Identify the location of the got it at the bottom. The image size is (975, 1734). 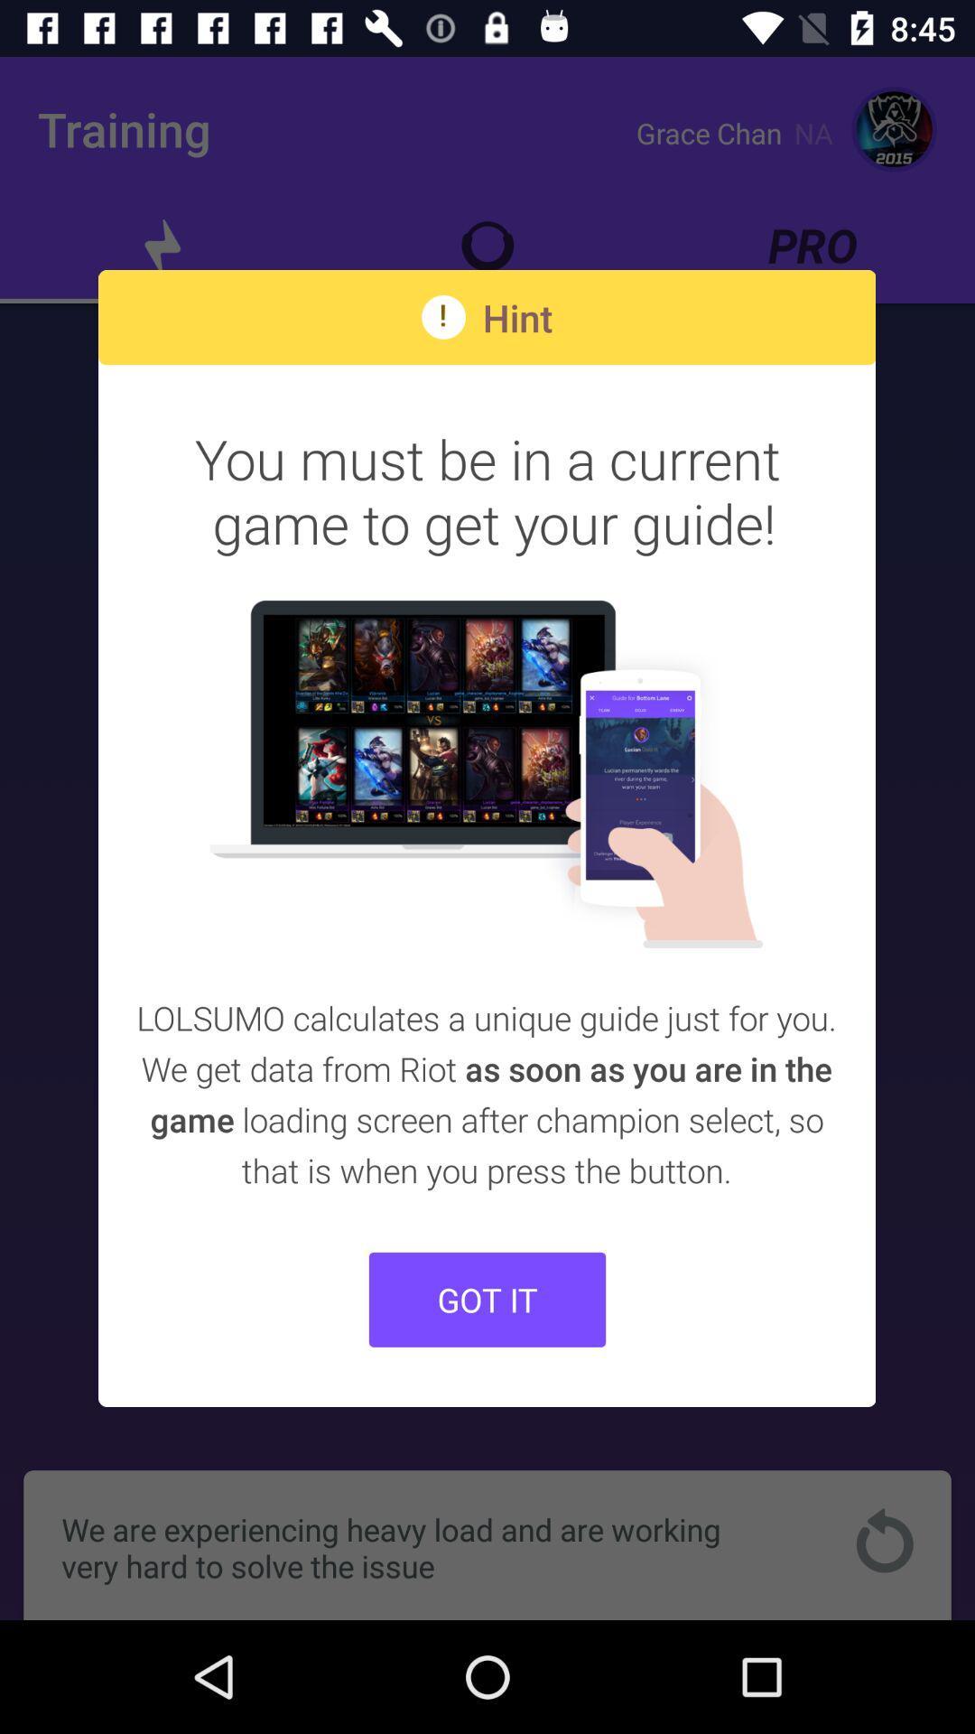
(487, 1299).